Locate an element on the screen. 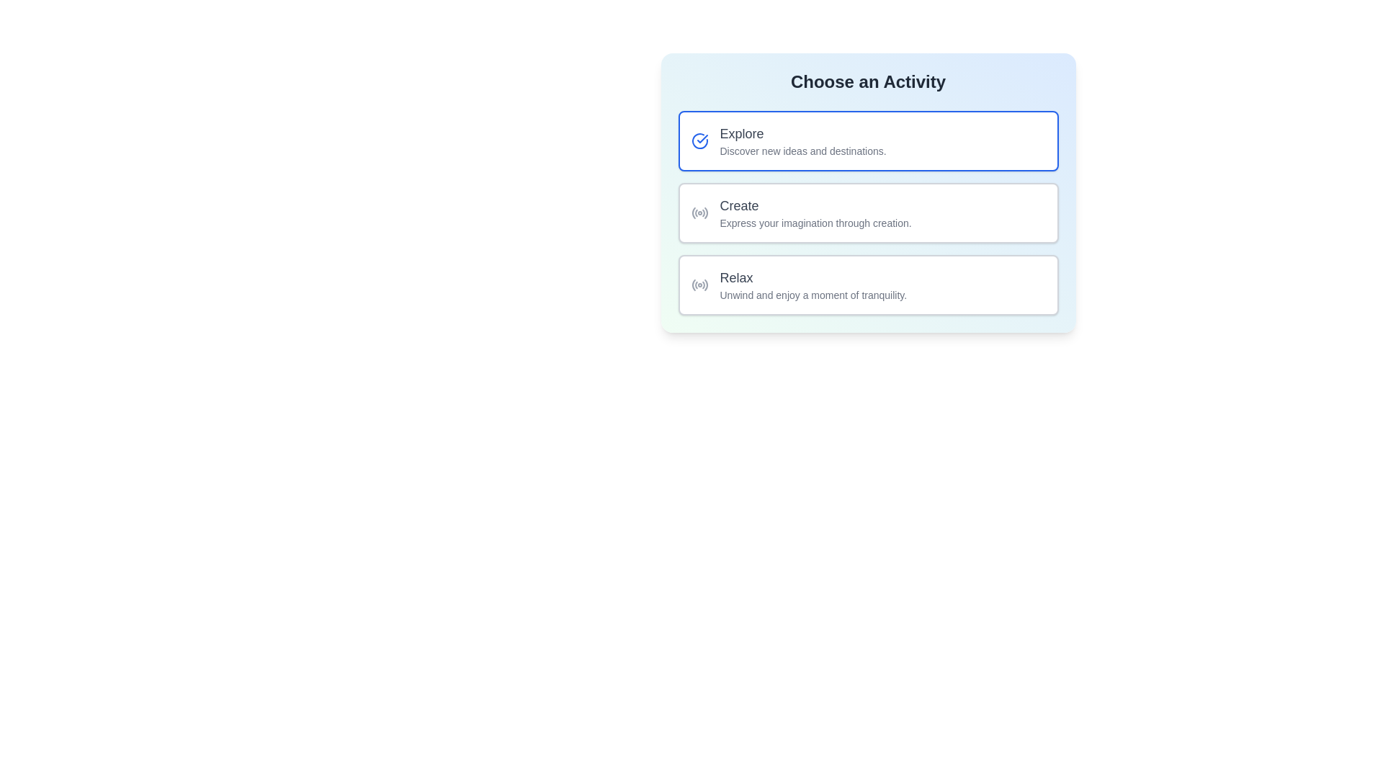 Image resolution: width=1383 pixels, height=778 pixels. text content of the header and paragraph element that includes 'Explore' and 'Discover new ideas and destinations.' is located at coordinates (802, 141).